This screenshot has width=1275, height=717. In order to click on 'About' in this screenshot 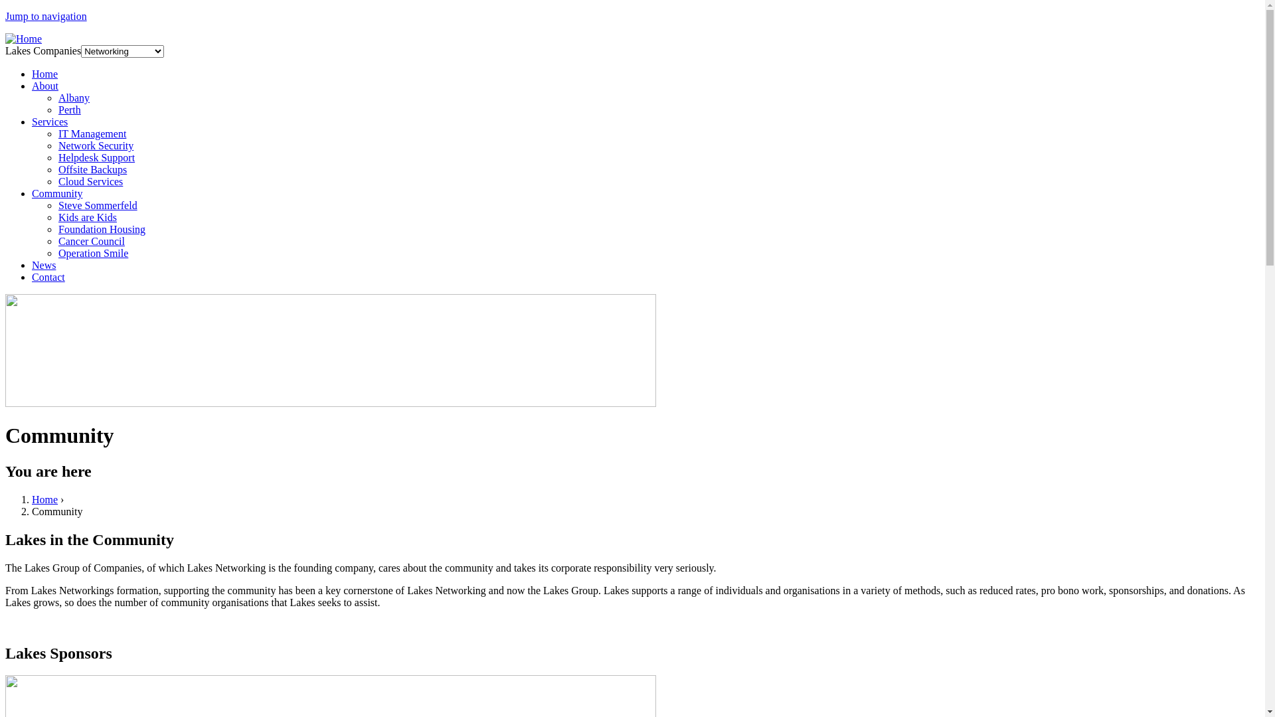, I will do `click(44, 86)`.